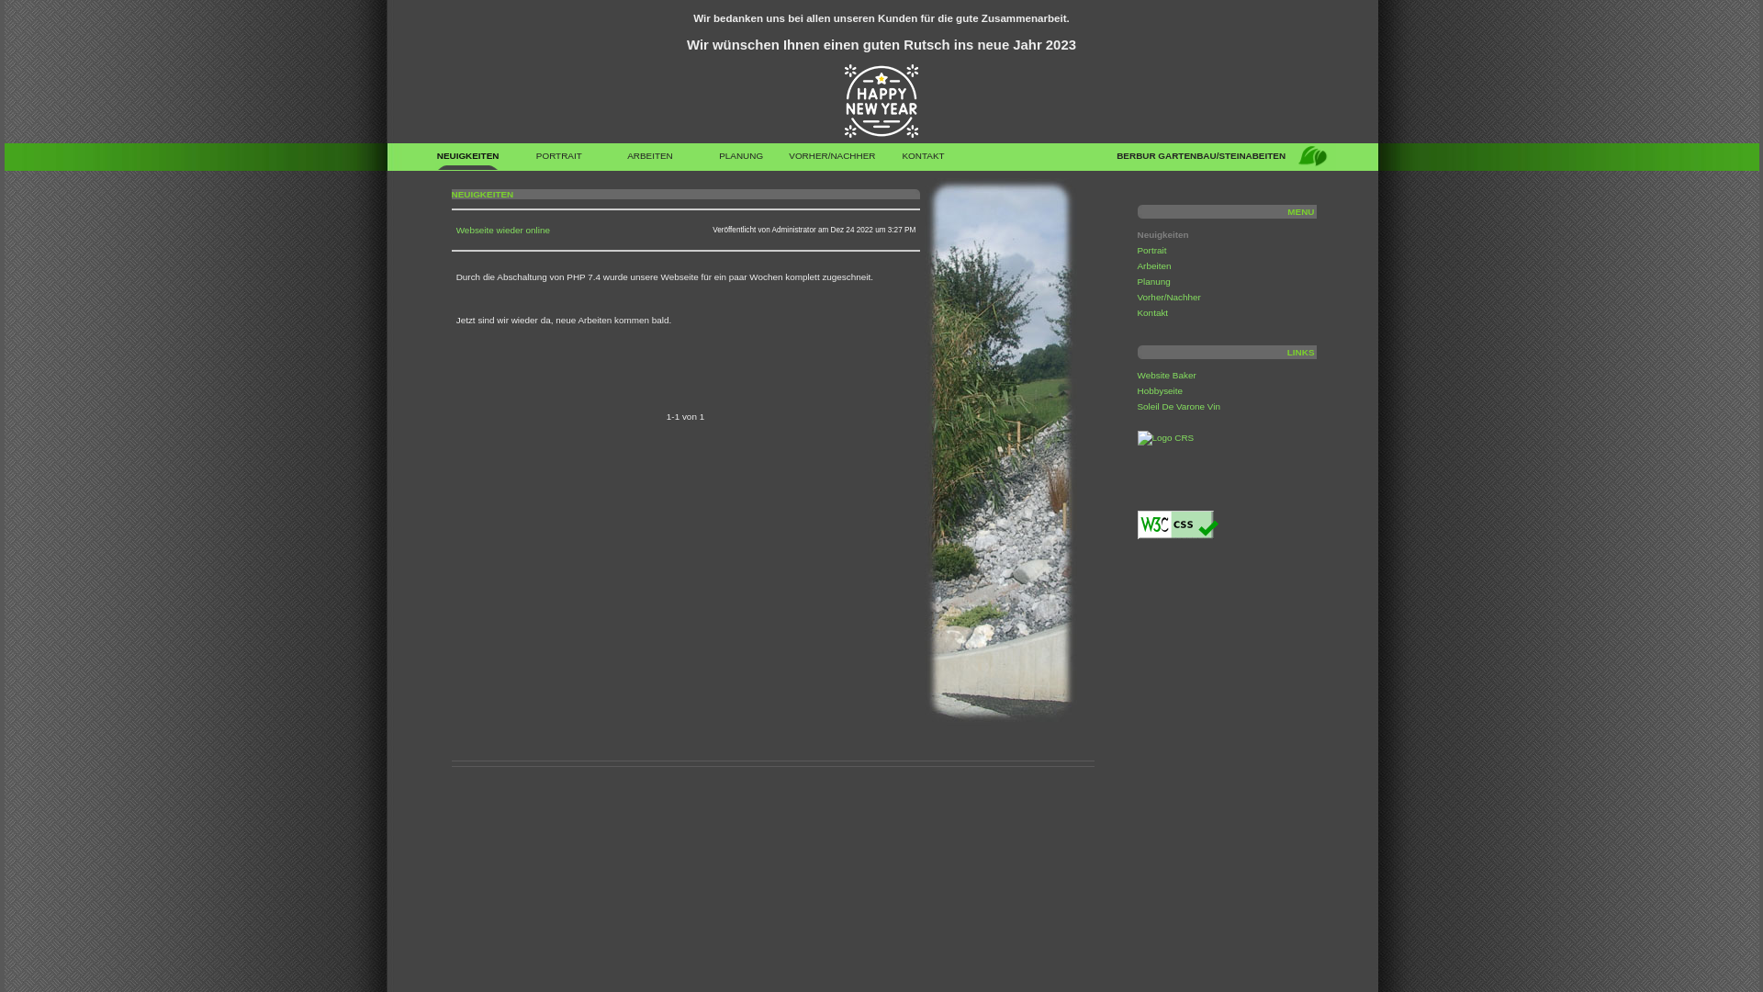  What do you see at coordinates (1152, 281) in the screenshot?
I see `'Planung'` at bounding box center [1152, 281].